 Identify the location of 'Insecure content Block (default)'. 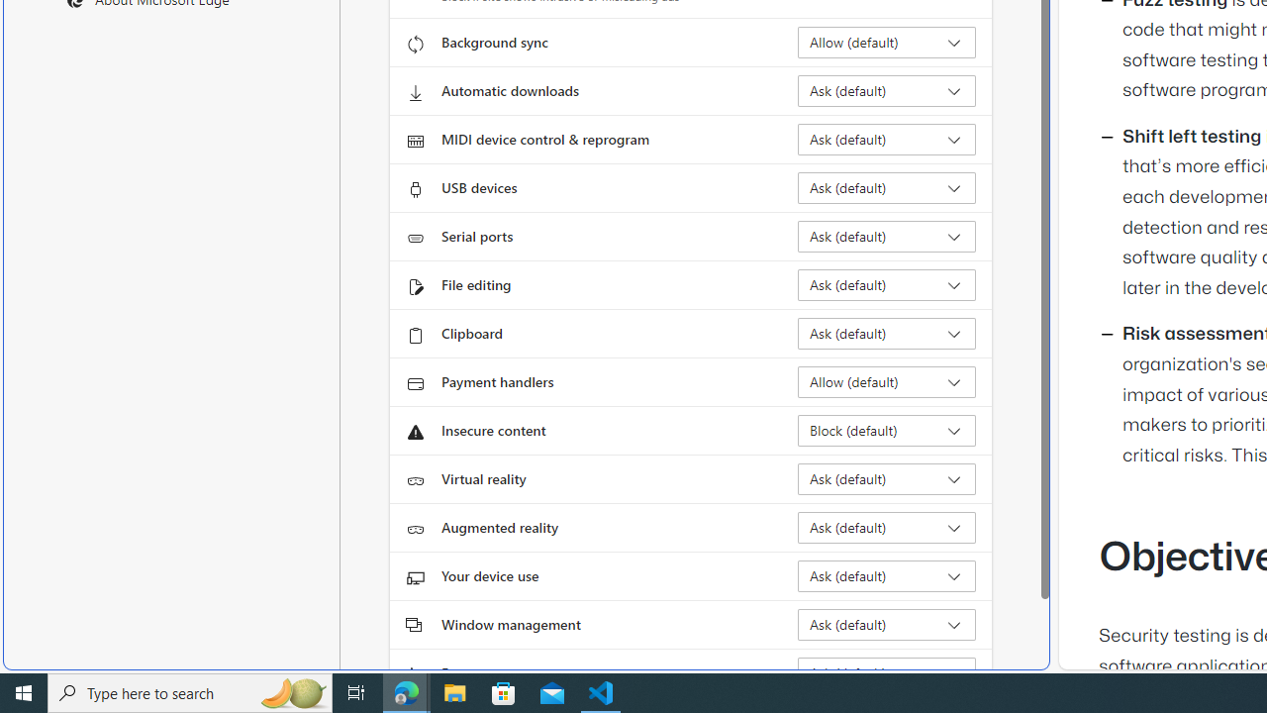
(886, 429).